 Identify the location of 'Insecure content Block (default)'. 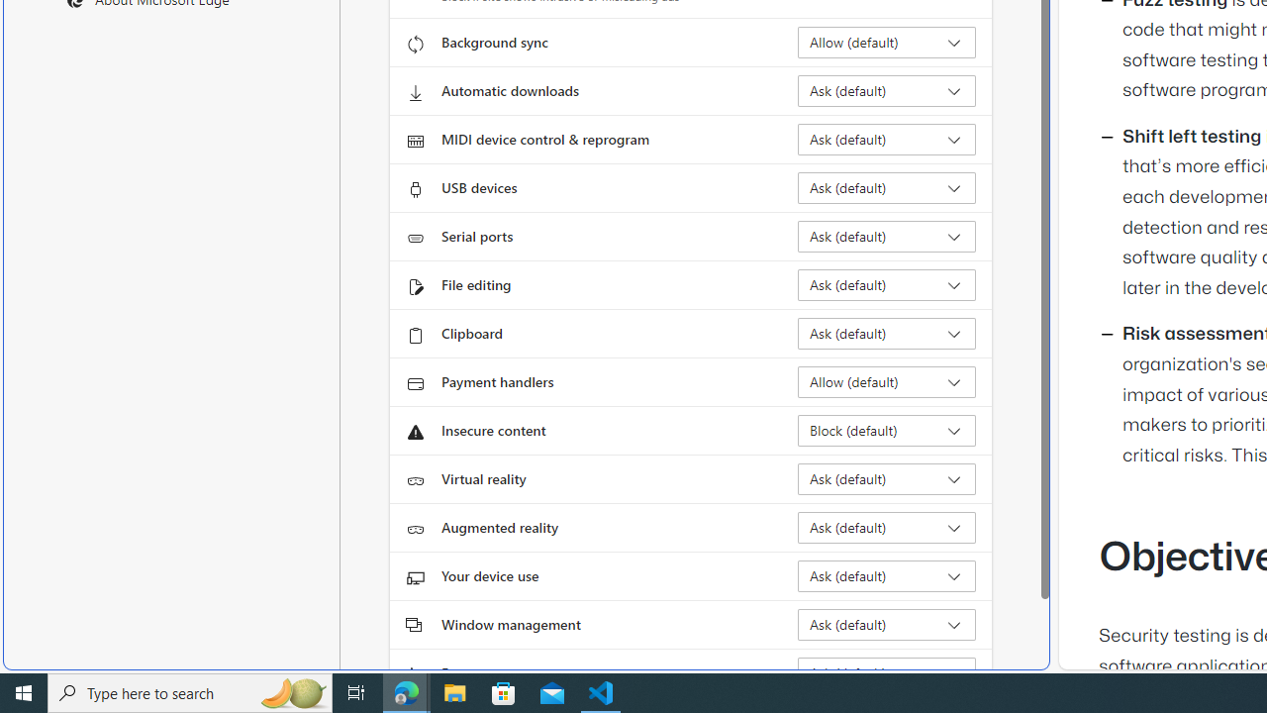
(886, 429).